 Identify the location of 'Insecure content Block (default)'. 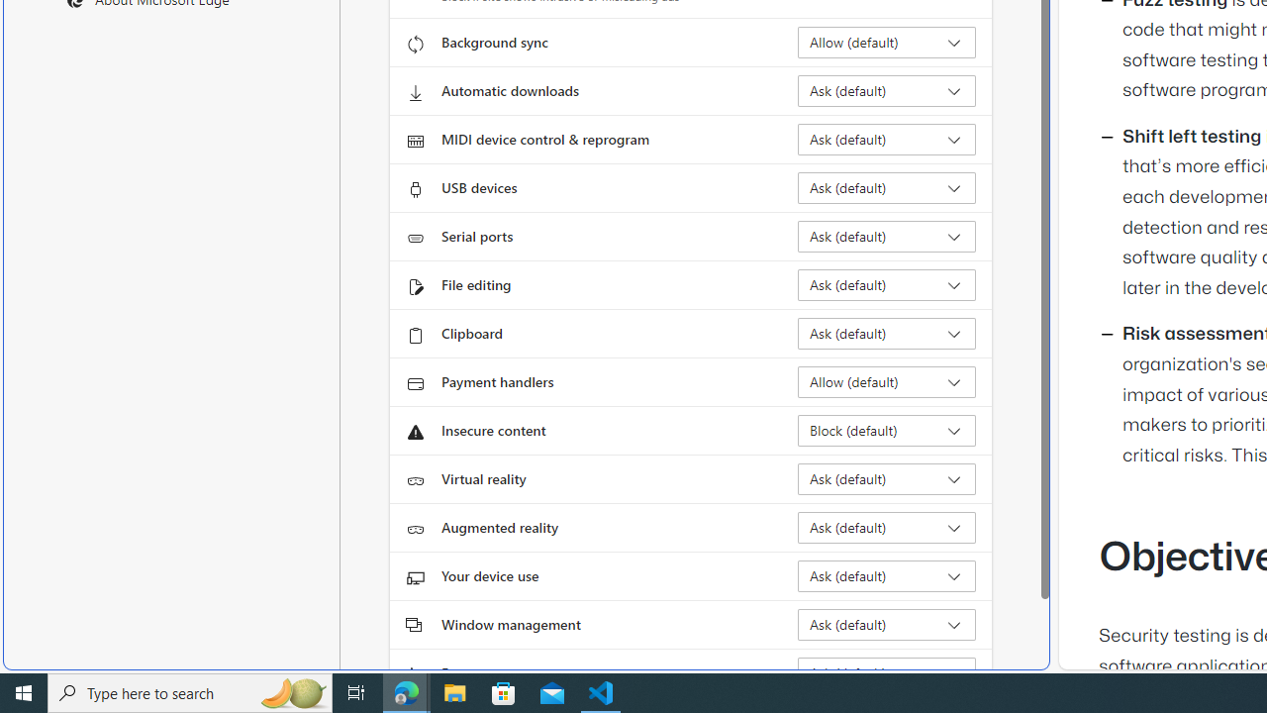
(886, 429).